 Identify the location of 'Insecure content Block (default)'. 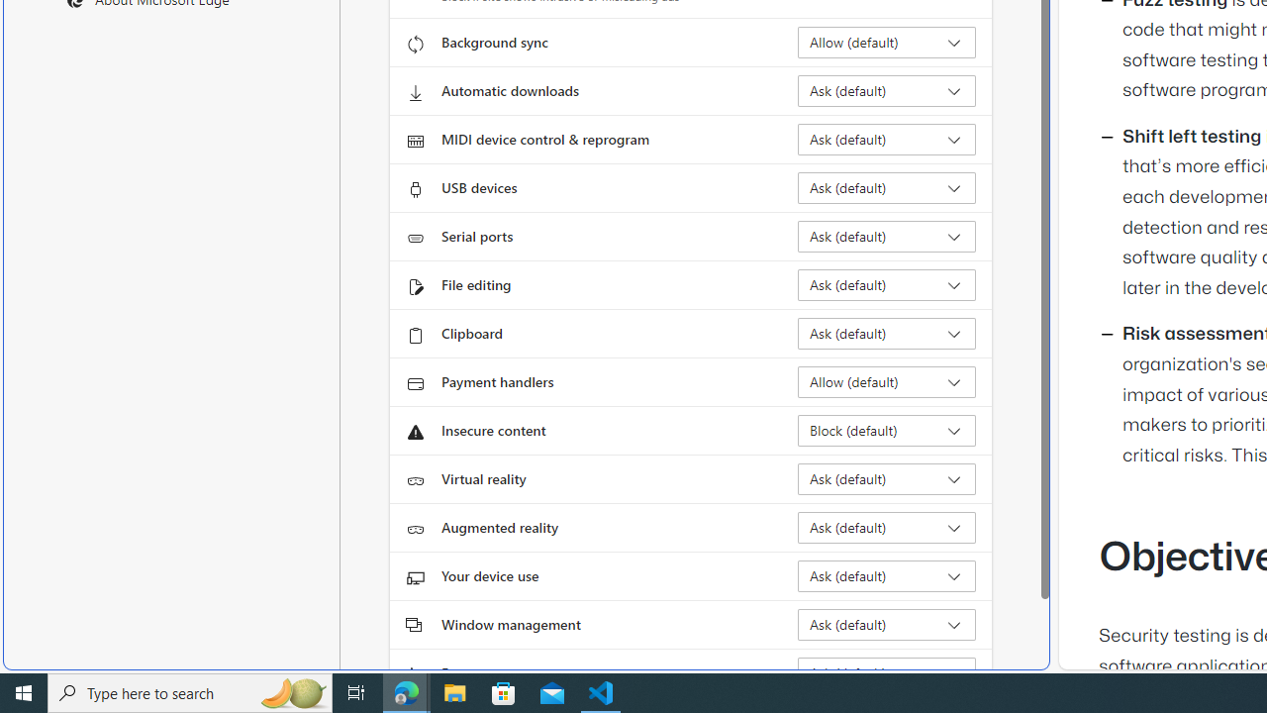
(886, 429).